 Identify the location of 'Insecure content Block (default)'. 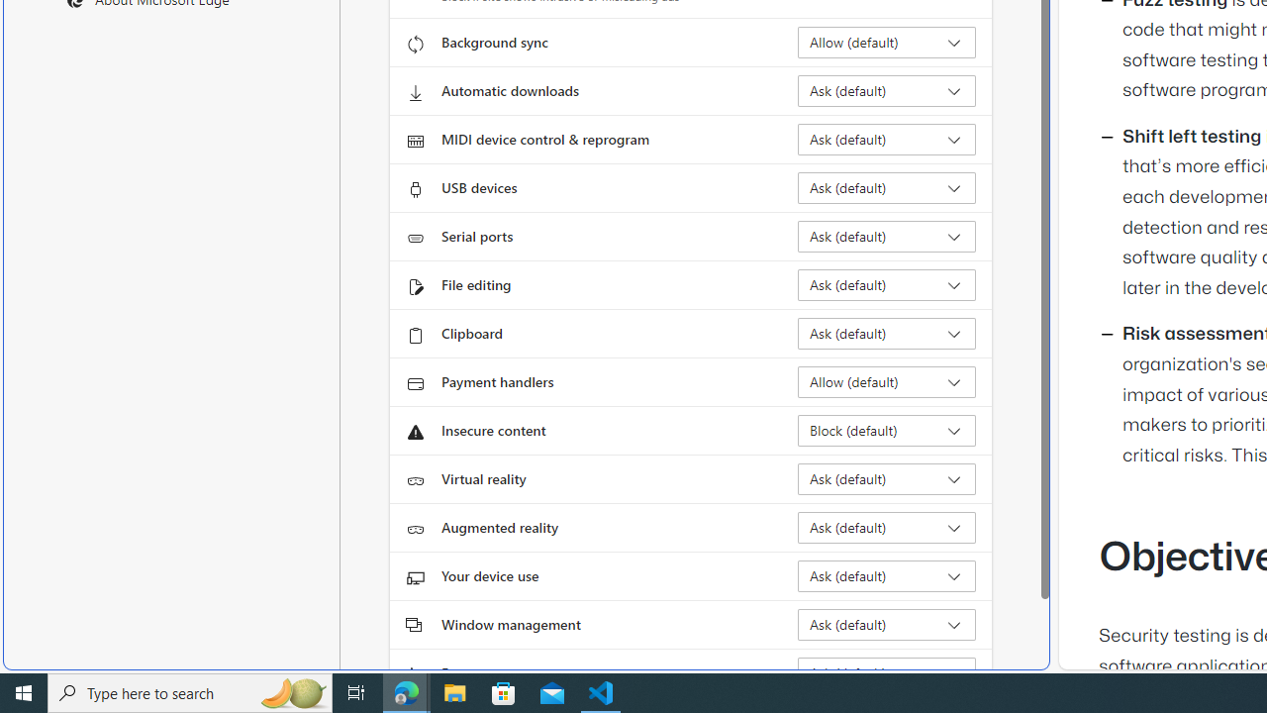
(886, 429).